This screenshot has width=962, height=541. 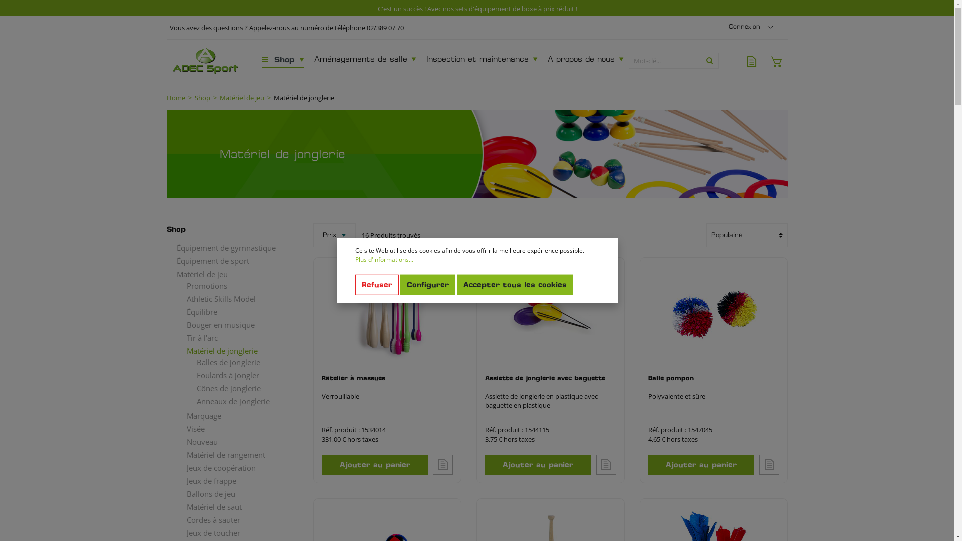 What do you see at coordinates (234, 493) in the screenshot?
I see `'Ballons de jeu'` at bounding box center [234, 493].